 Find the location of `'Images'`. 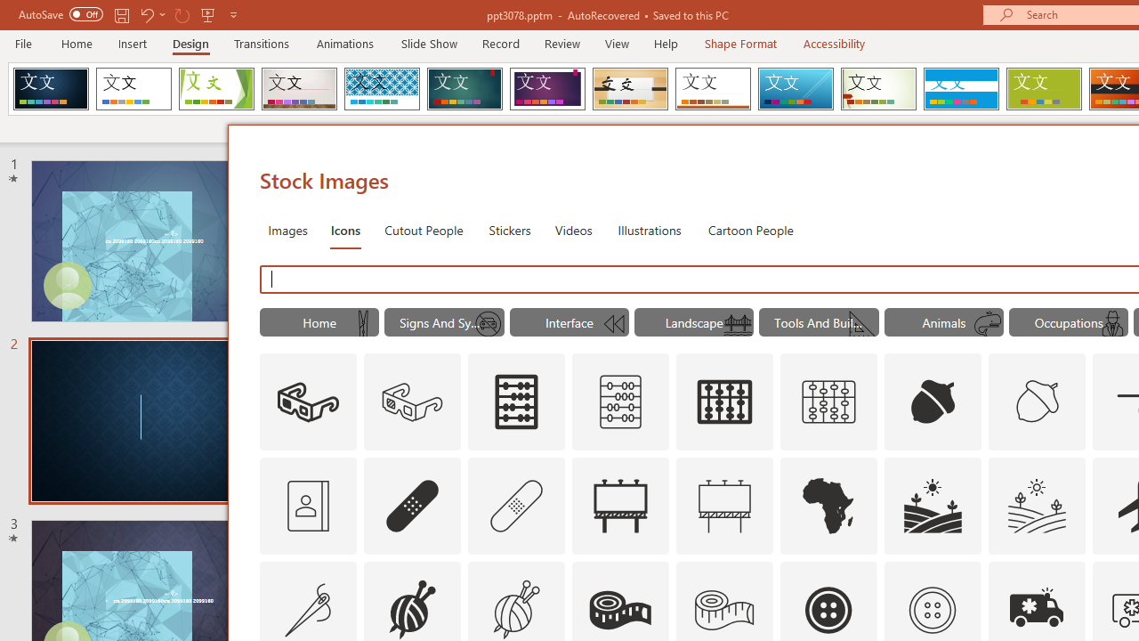

'Images' is located at coordinates (287, 229).